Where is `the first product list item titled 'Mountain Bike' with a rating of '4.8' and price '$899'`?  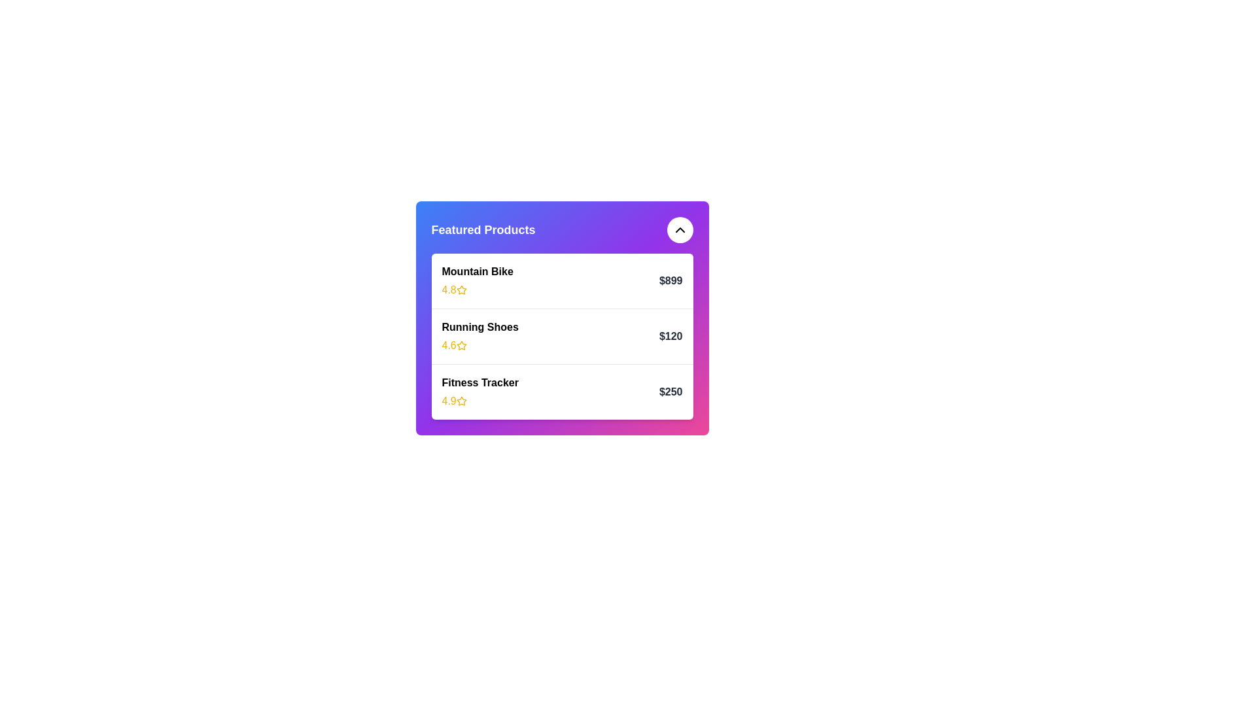
the first product list item titled 'Mountain Bike' with a rating of '4.8' and price '$899' is located at coordinates (562, 280).